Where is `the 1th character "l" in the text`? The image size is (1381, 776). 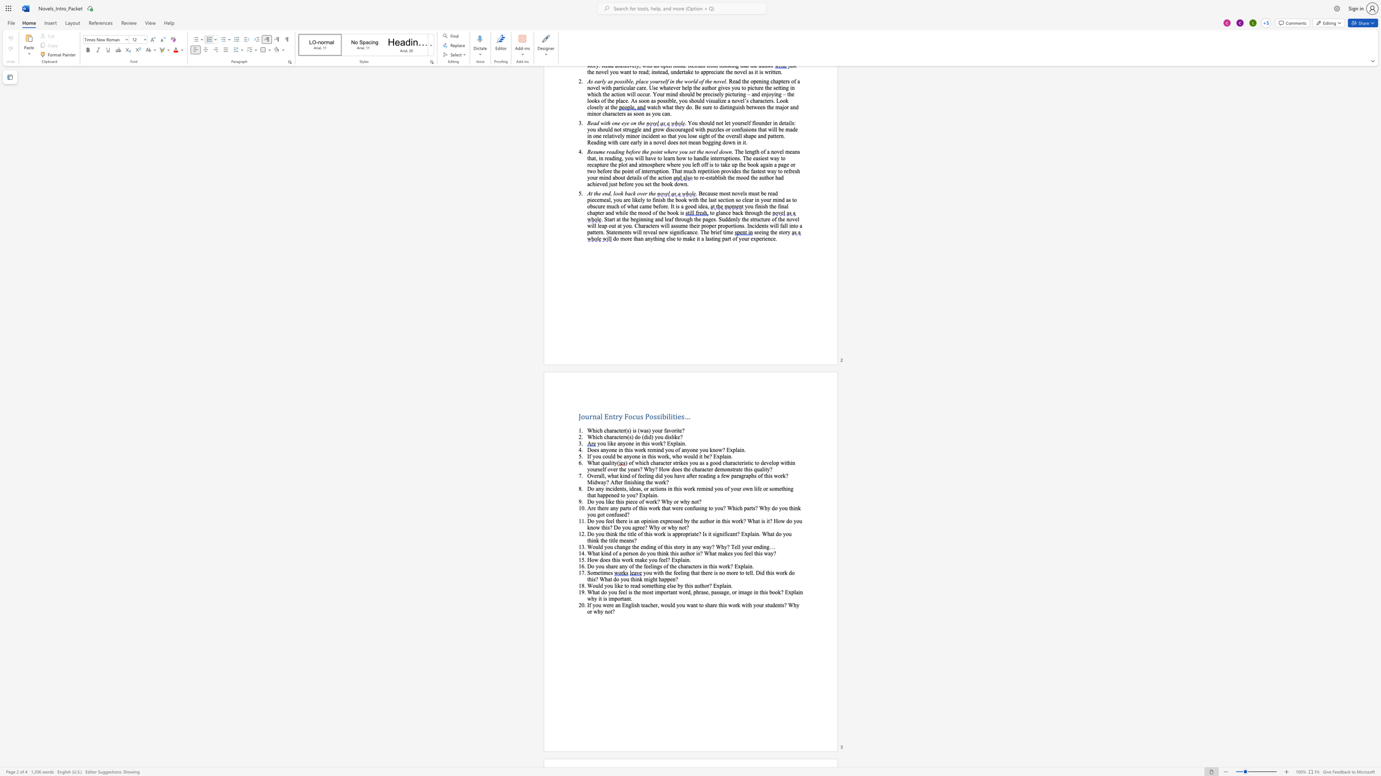
the 1th character "l" in the text is located at coordinates (613, 521).